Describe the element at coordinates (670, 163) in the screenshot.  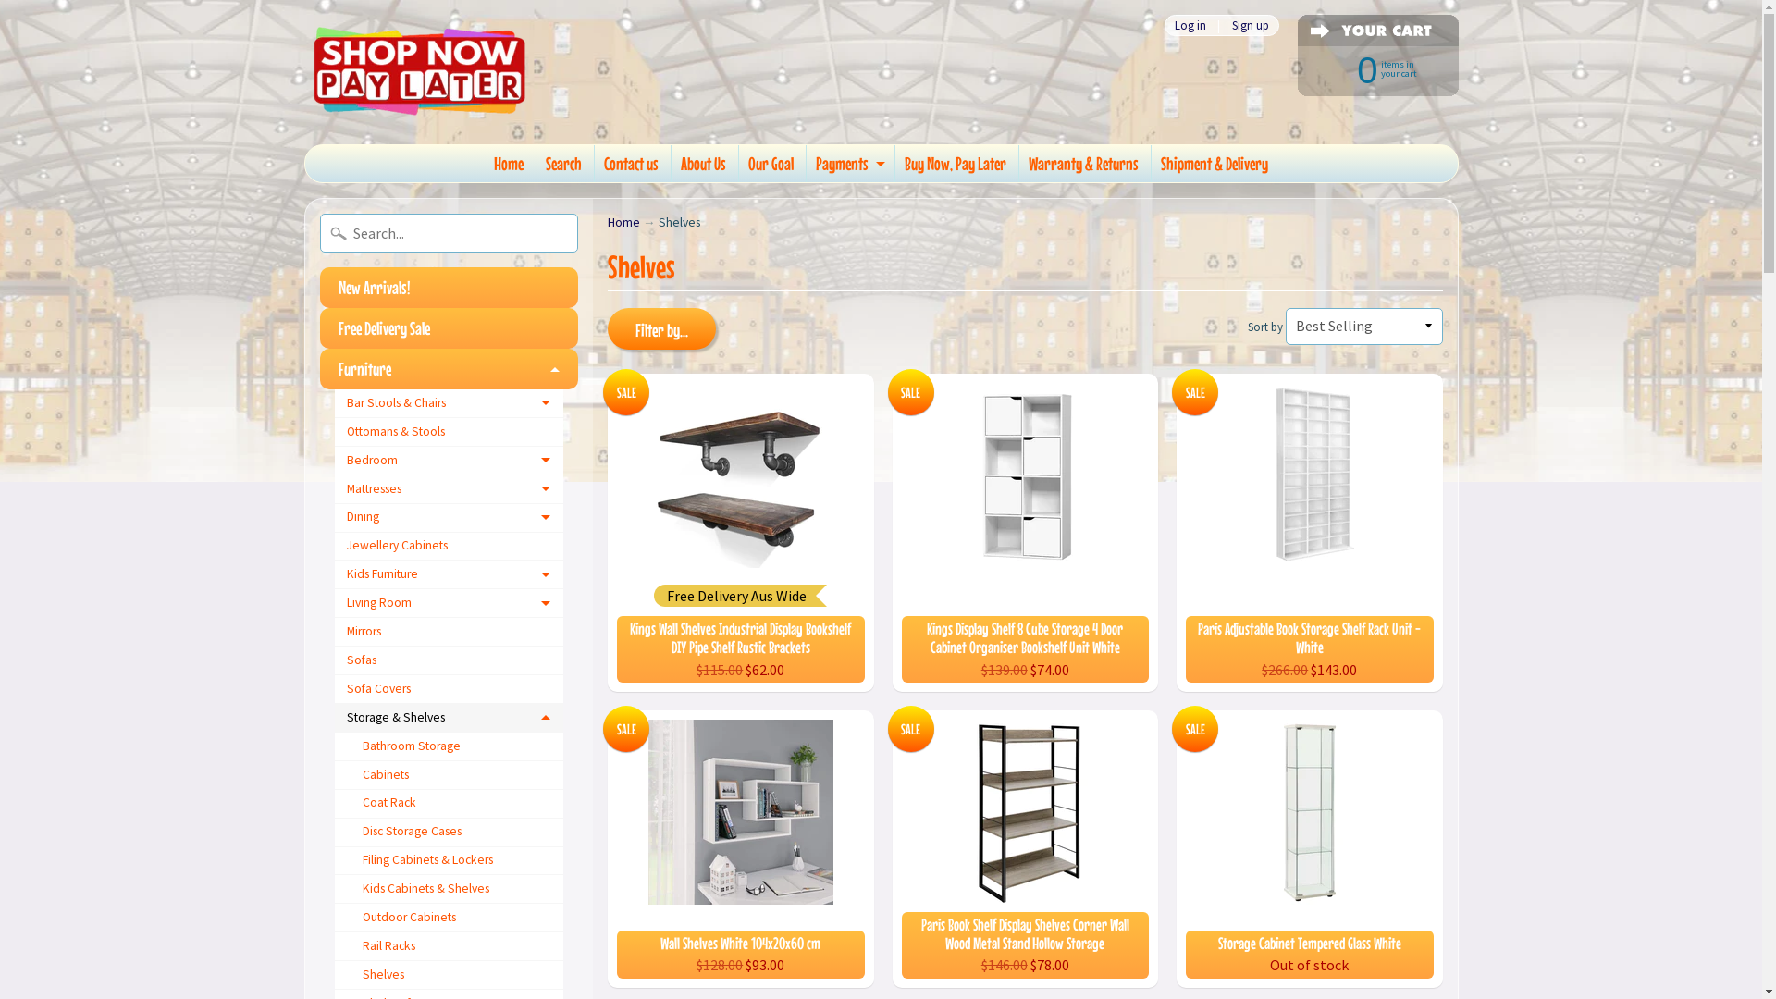
I see `'About Us'` at that location.